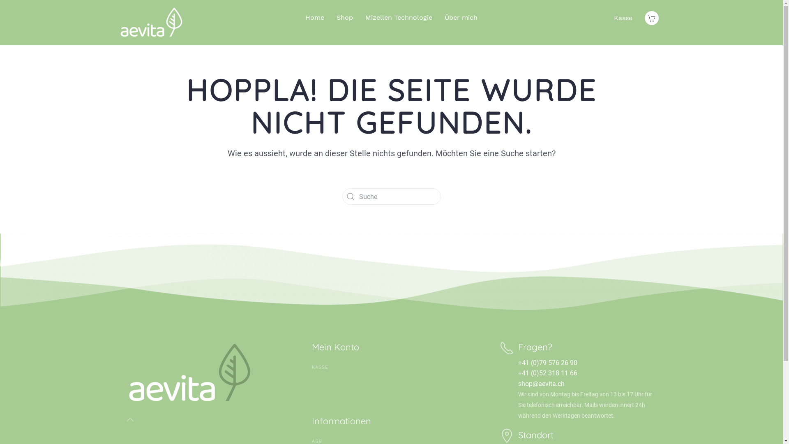 The height and width of the screenshot is (444, 789). I want to click on 'Mizellen Technologie', so click(359, 17).